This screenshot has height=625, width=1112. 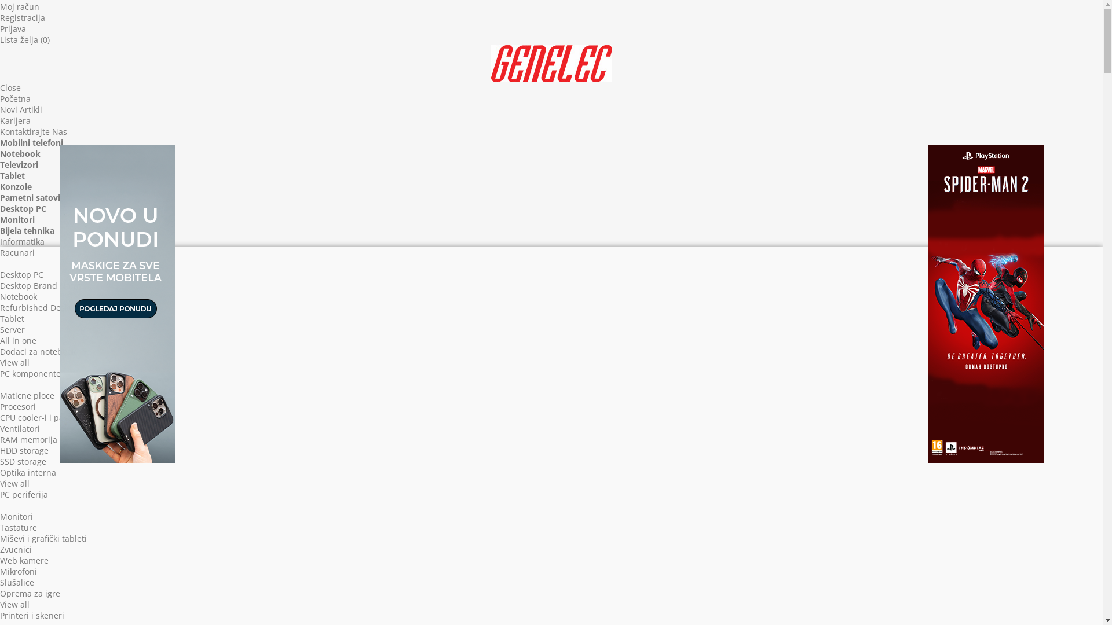 What do you see at coordinates (30, 373) in the screenshot?
I see `'PC komponente'` at bounding box center [30, 373].